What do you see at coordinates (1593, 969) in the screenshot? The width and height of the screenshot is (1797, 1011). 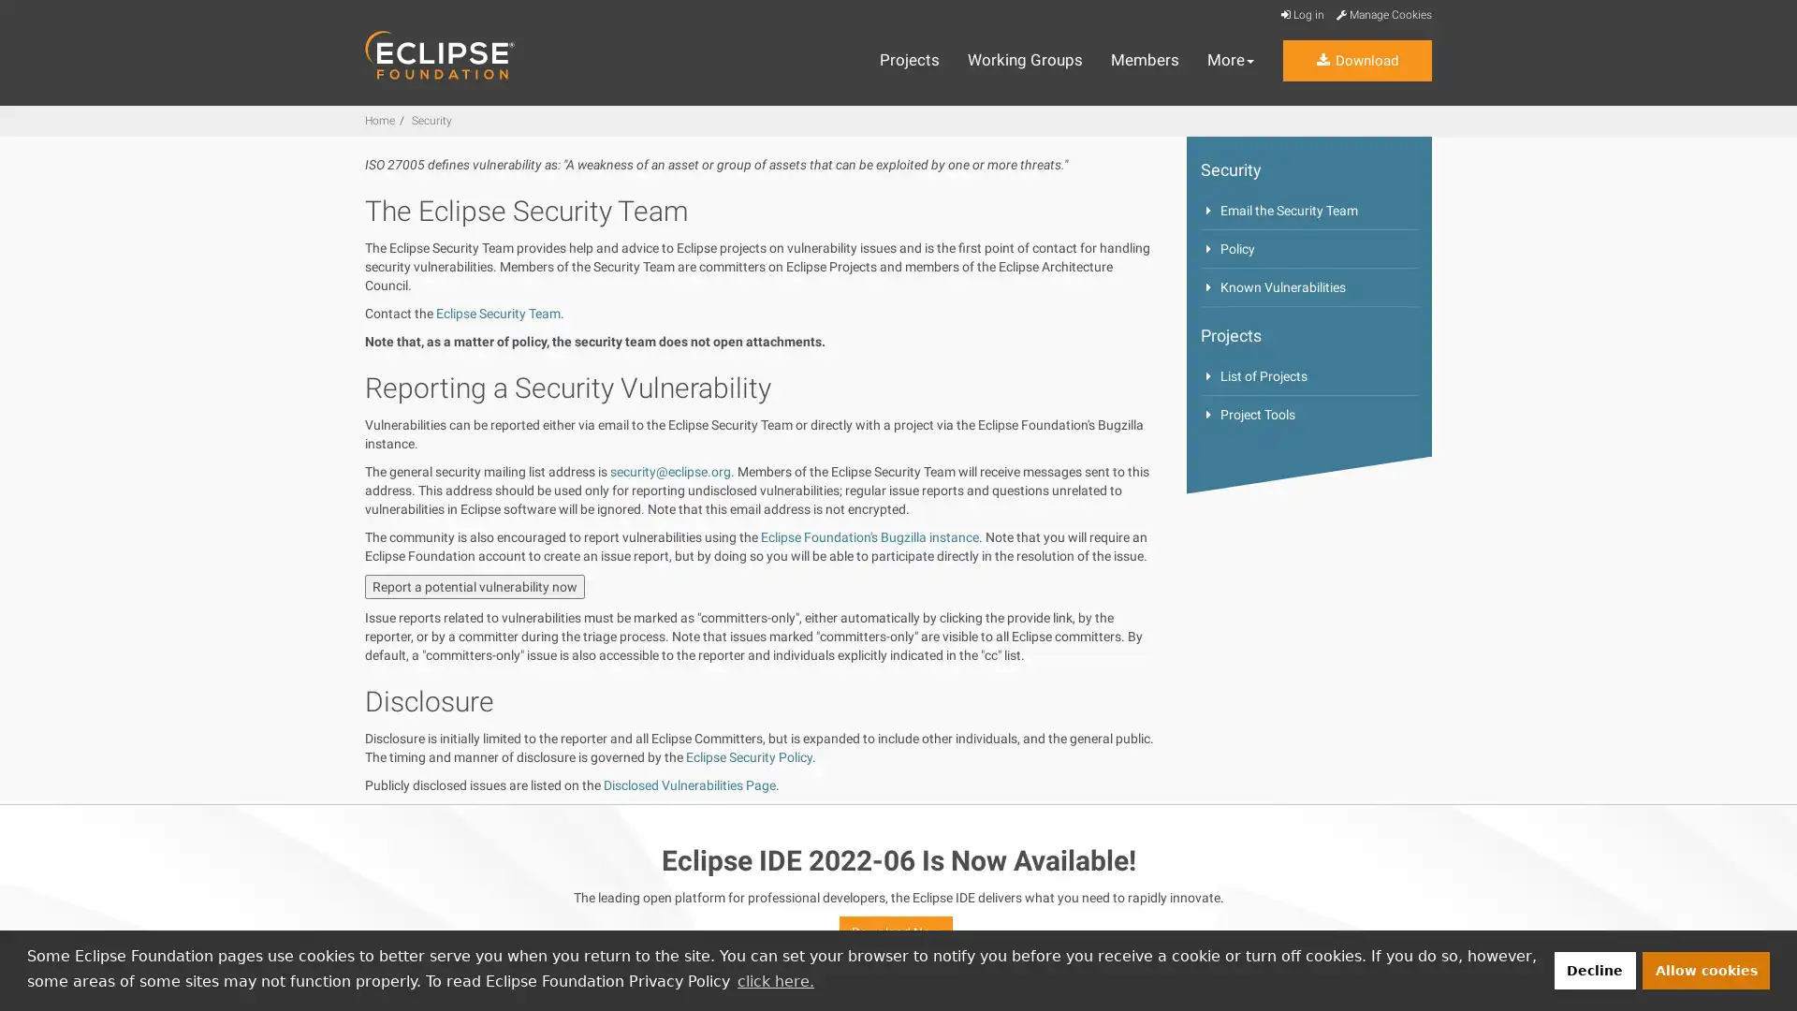 I see `deny cookies` at bounding box center [1593, 969].